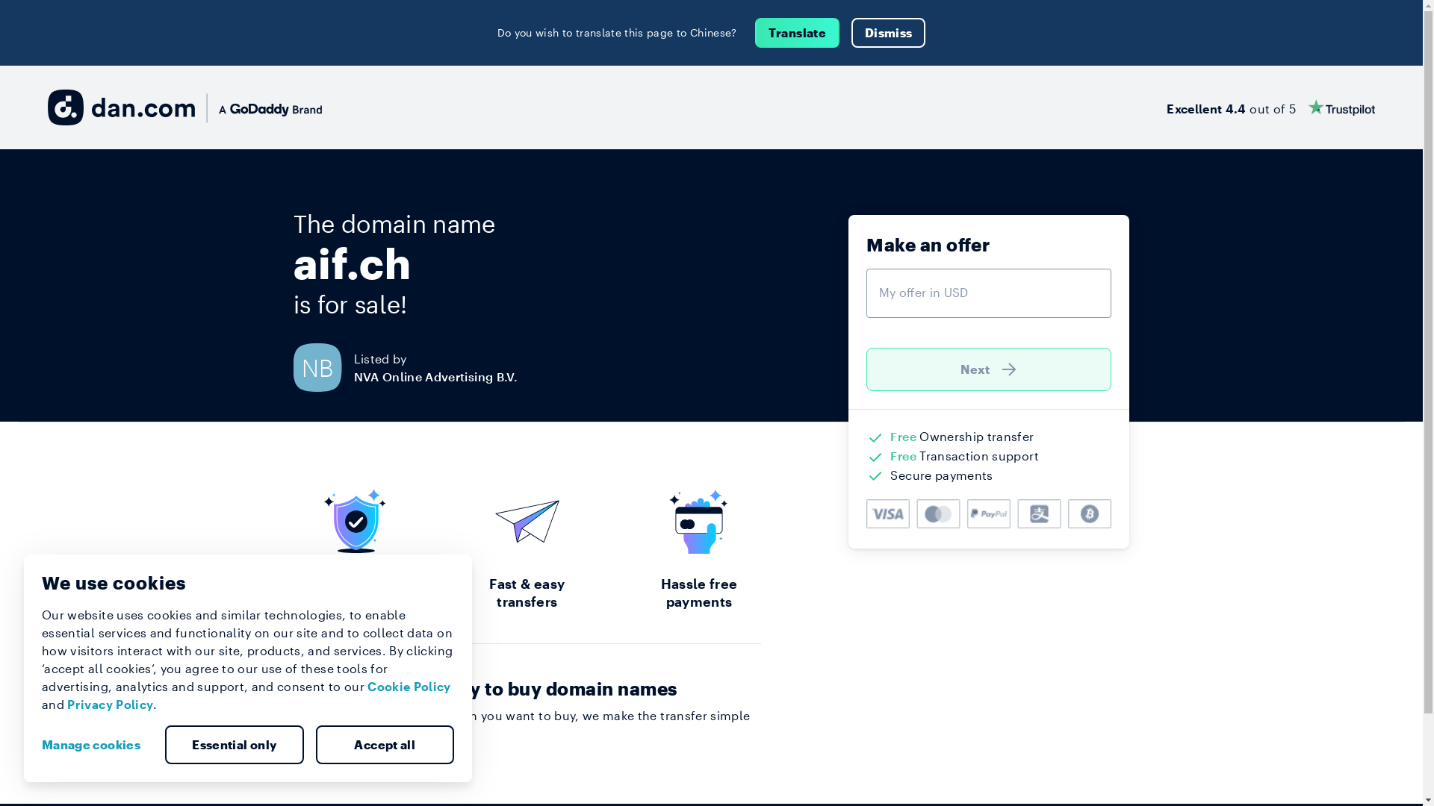  What do you see at coordinates (888, 32) in the screenshot?
I see `'Dismiss'` at bounding box center [888, 32].